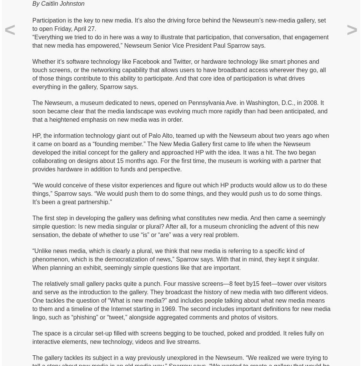 The height and width of the screenshot is (366, 362). What do you see at coordinates (179, 193) in the screenshot?
I see `'“We would conceive of these visitor experiences and figure out which HP products would allow us to do these things,” Sparrow says. “We would push them to do some things, and they would push us to do some things. It’s been a great partnership.”'` at bounding box center [179, 193].